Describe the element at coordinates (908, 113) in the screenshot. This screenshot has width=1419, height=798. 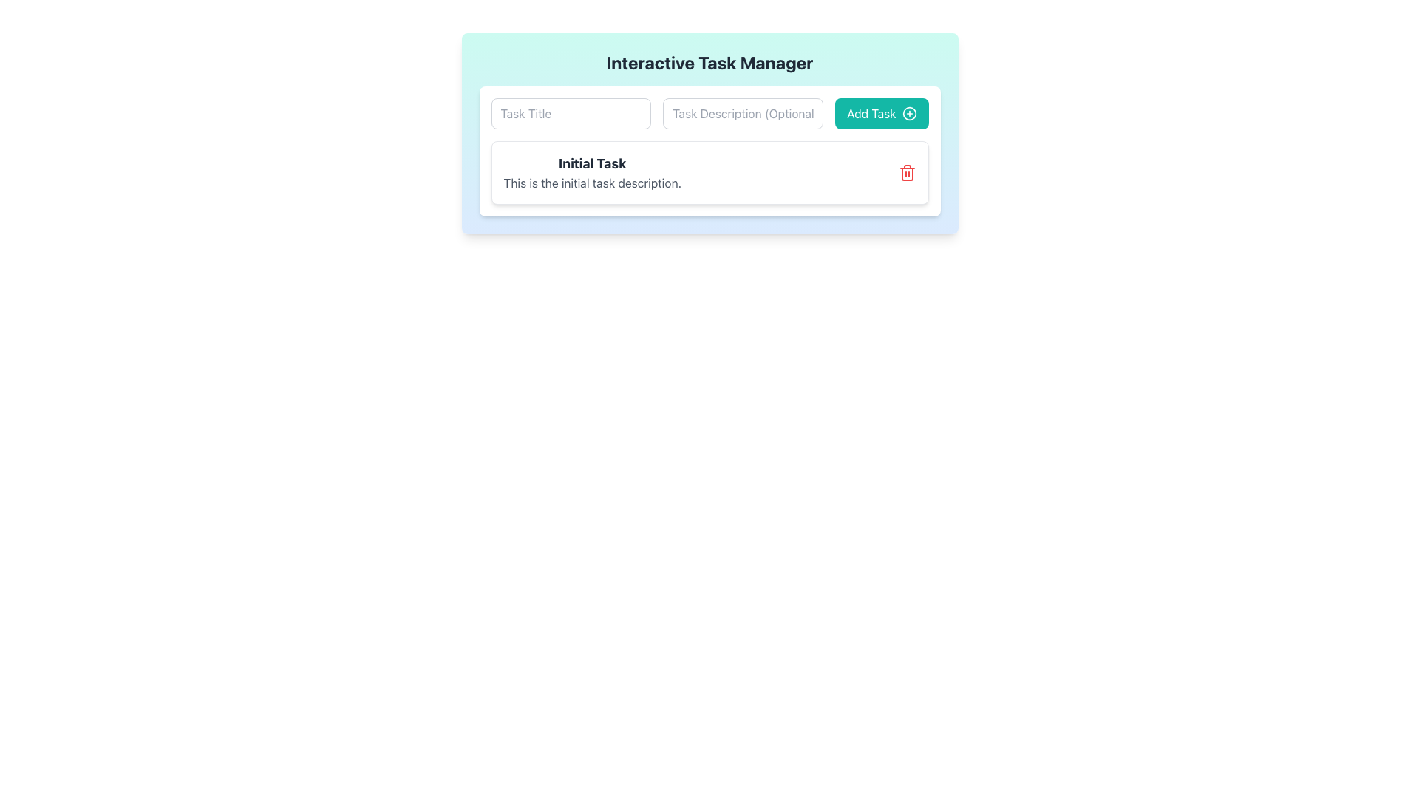
I see `the circular graphic representing a '+' symbol within the SVG icon, which is positioned to the right of the 'Add Task' button` at that location.